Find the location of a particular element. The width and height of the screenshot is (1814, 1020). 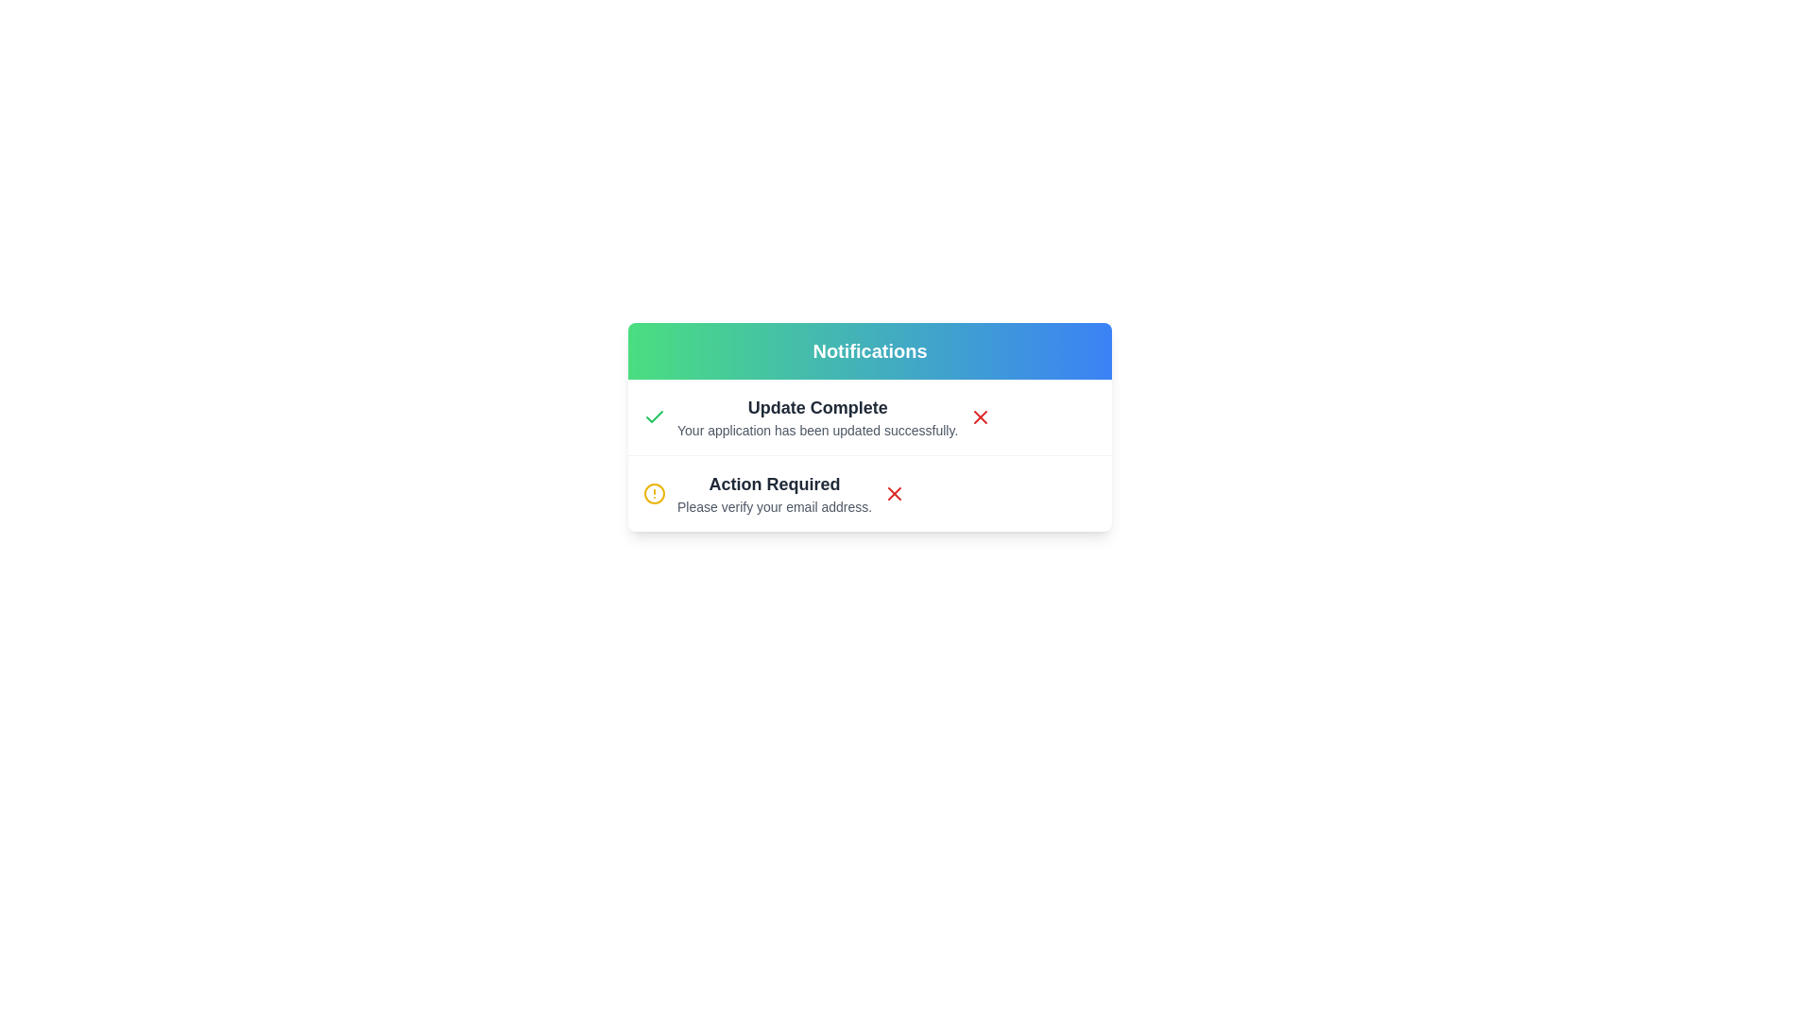

the bold text label reading 'Action Required' within the notification card interface is located at coordinates (775, 484).